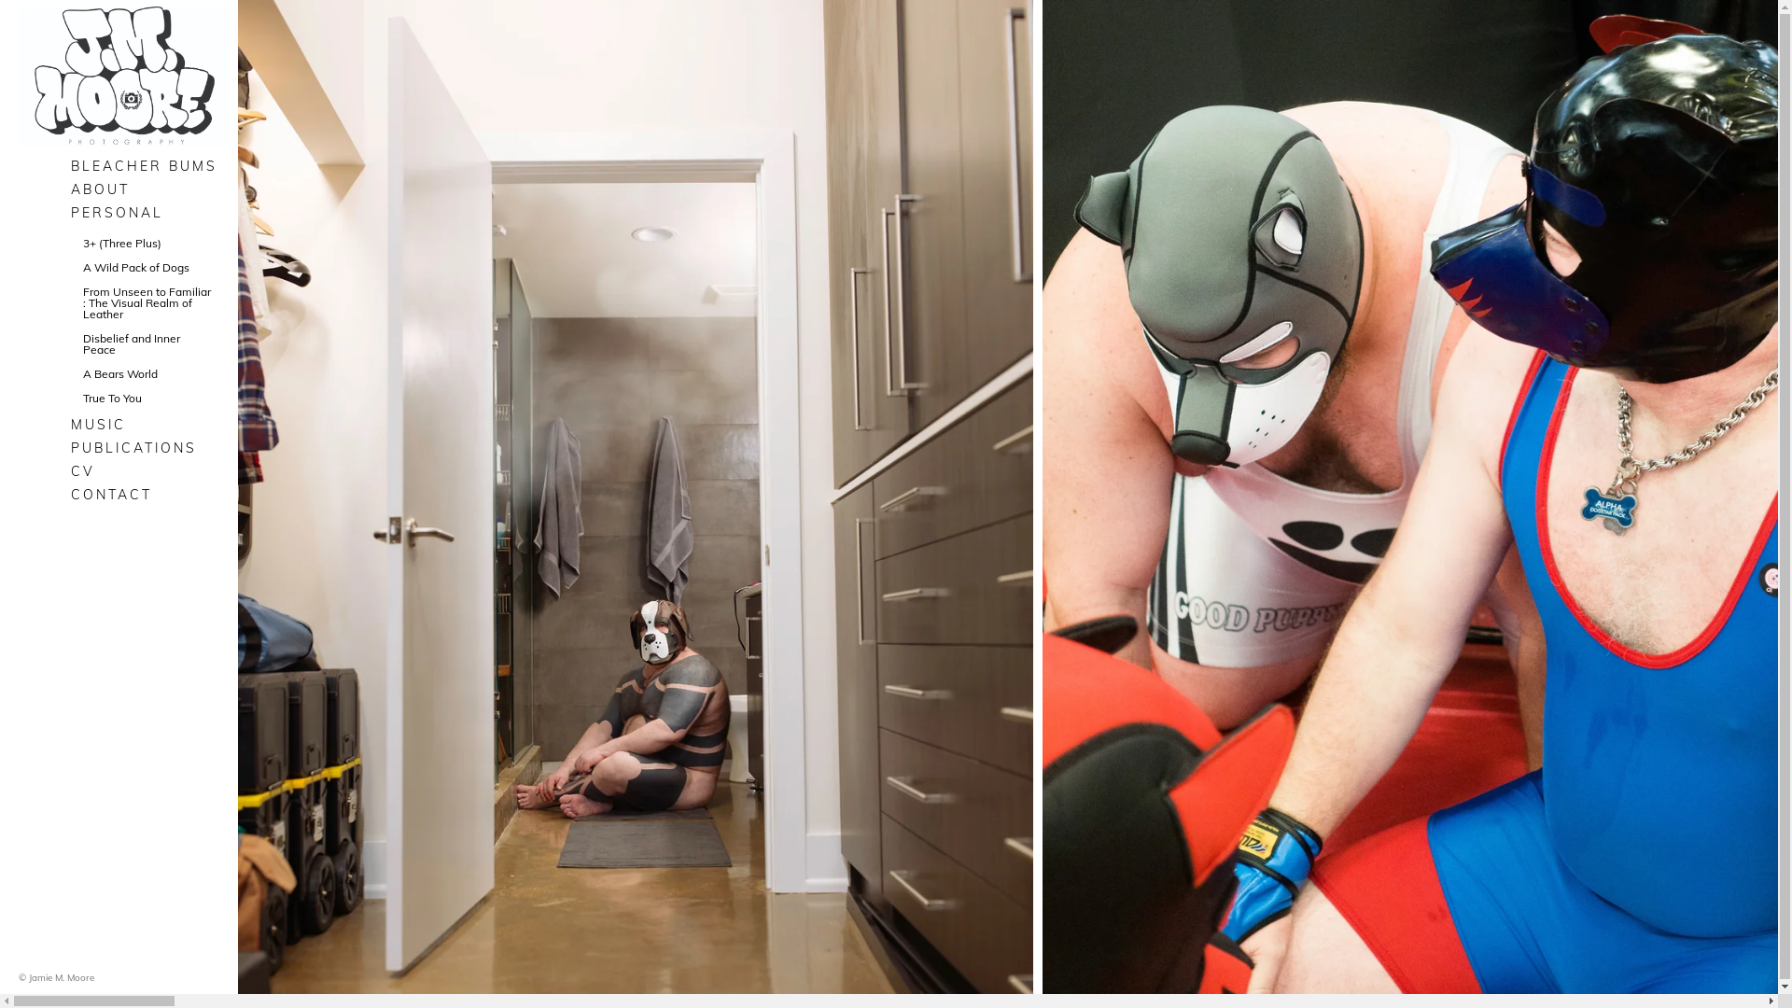 This screenshot has width=1792, height=1008. Describe the element at coordinates (146, 425) in the screenshot. I see `'MUSIC'` at that location.